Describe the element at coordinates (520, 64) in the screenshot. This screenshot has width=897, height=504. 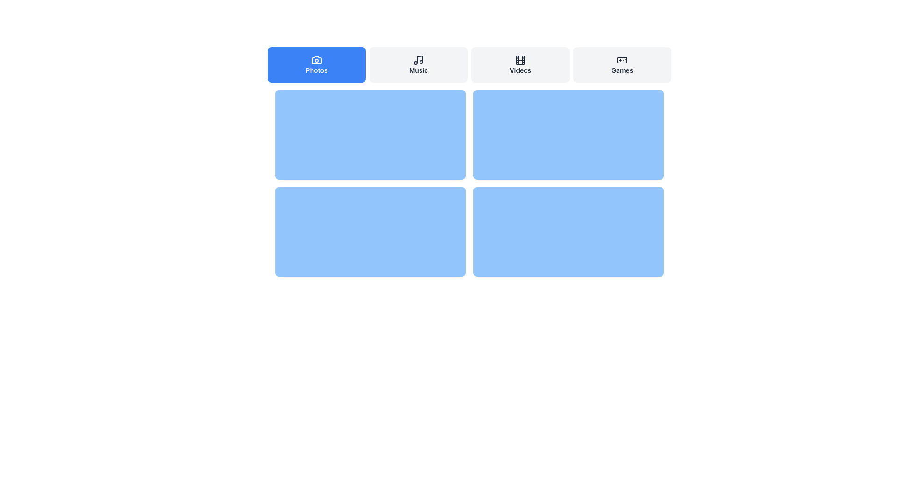
I see `the 'Videos' navigation button, which is the third card in a grid layout of four items` at that location.